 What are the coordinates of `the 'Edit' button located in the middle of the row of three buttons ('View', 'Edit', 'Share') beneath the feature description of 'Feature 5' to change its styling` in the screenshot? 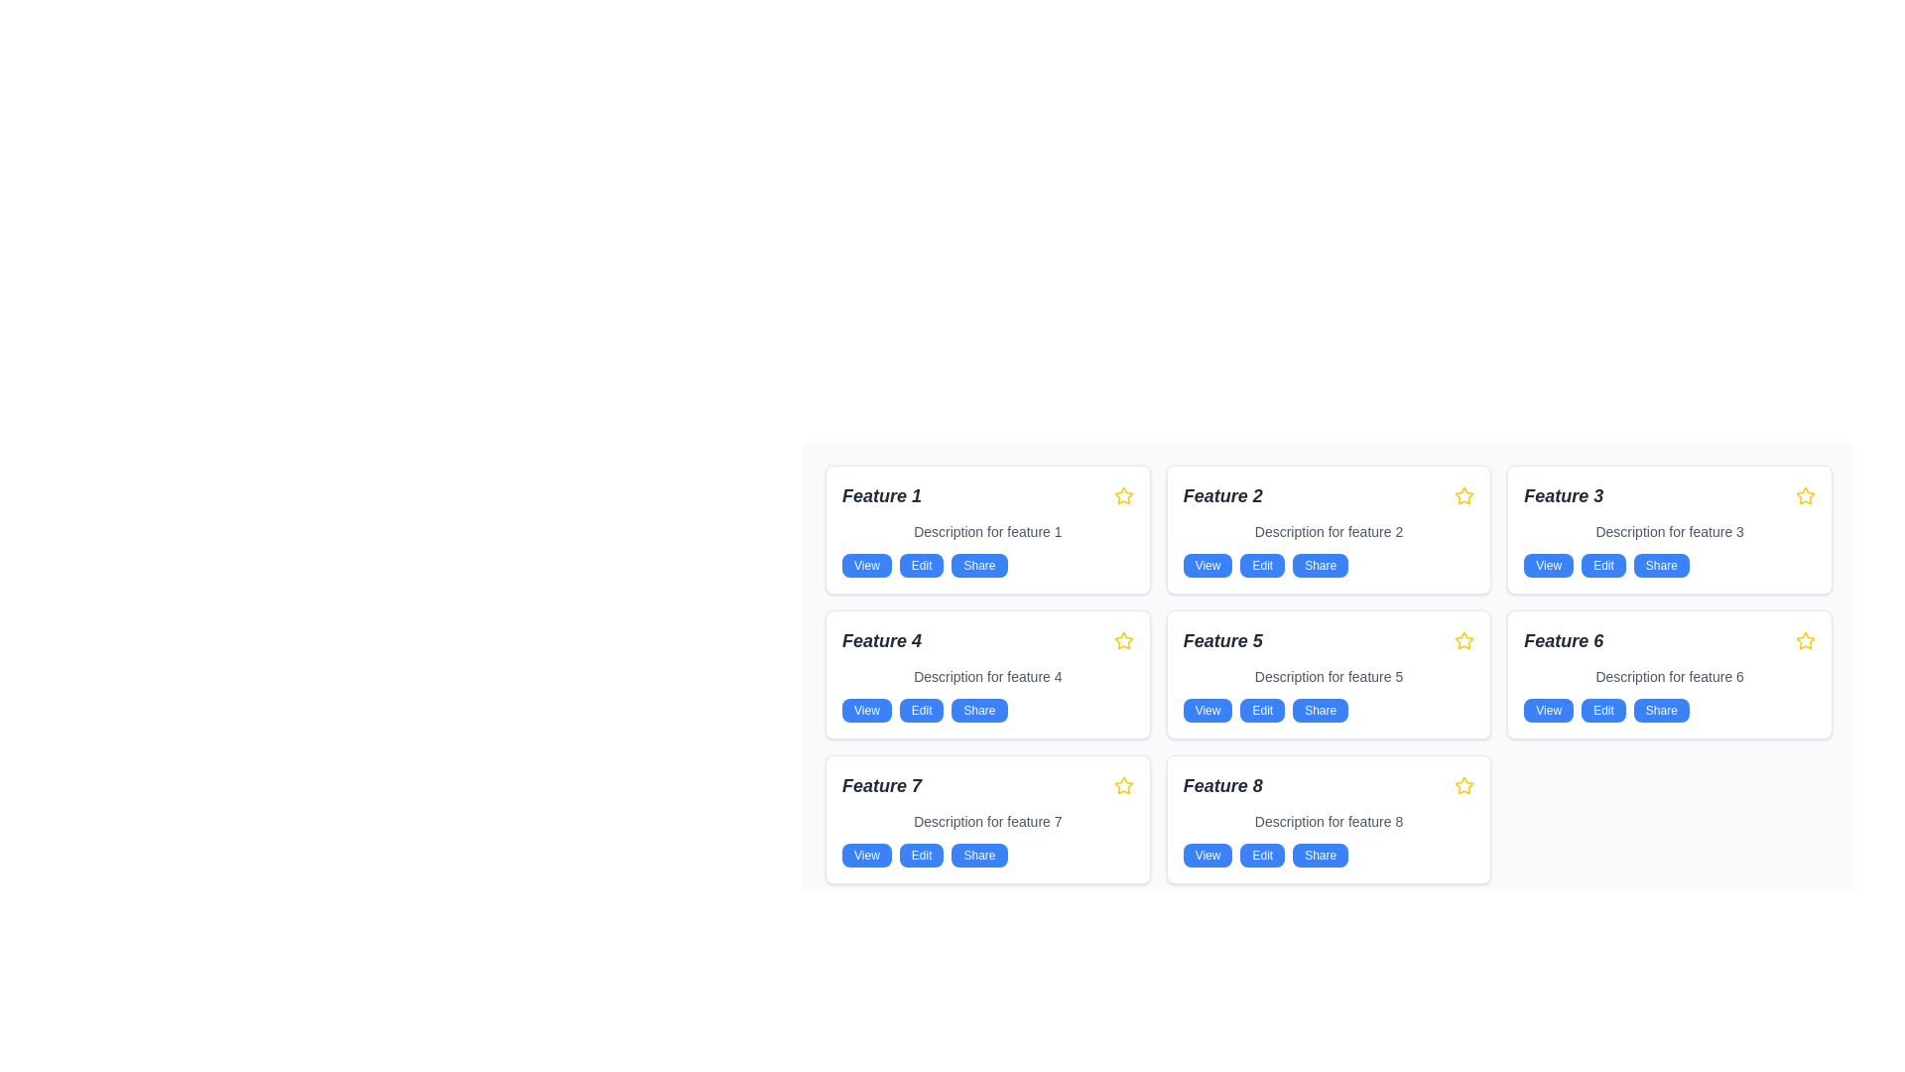 It's located at (1261, 710).